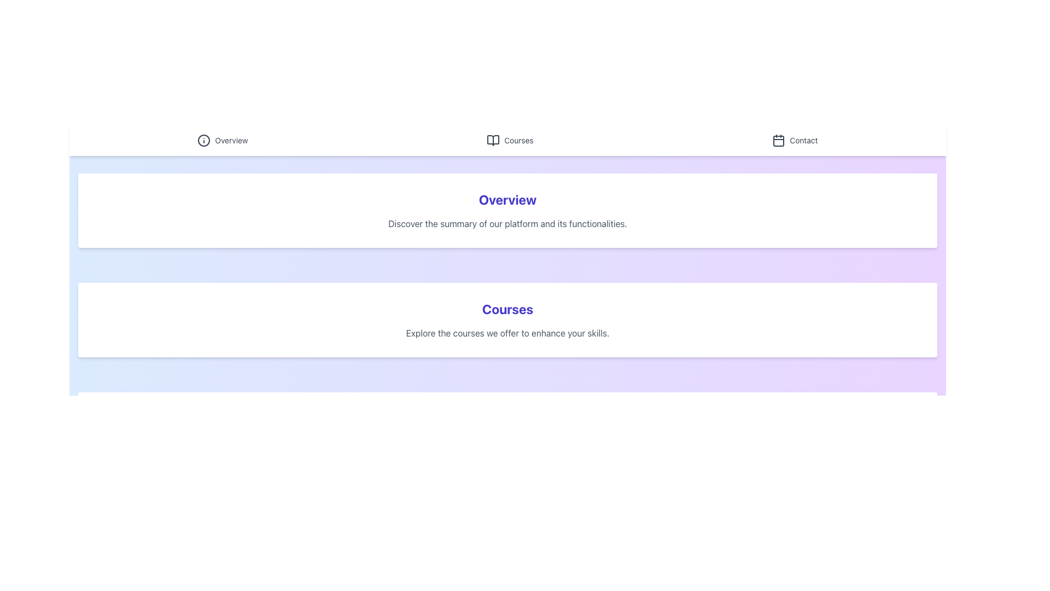  Describe the element at coordinates (507, 223) in the screenshot. I see `introductory text summarizing the platform's main features, located in the 'Overview' section below the 'Overview' heading` at that location.